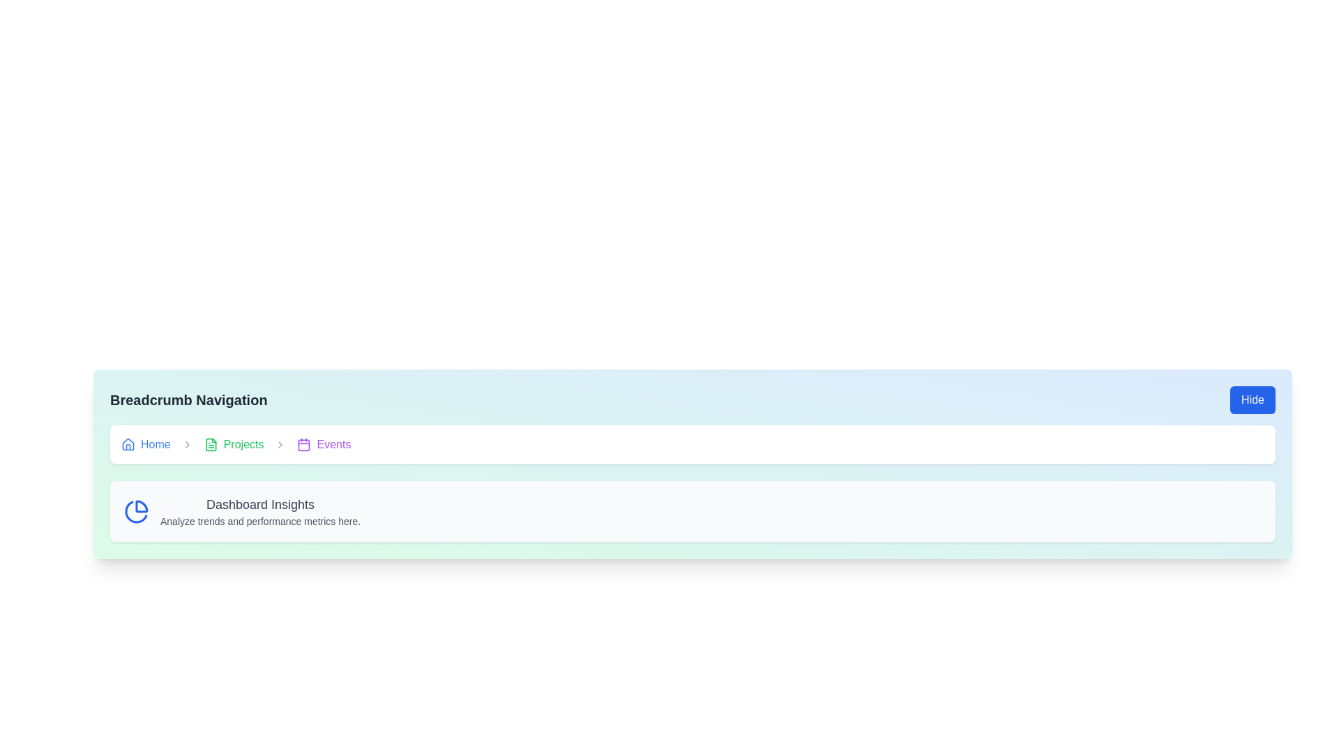  Describe the element at coordinates (324, 444) in the screenshot. I see `the link in the breadcrumb navigation bar that redirects to the 'Events' section of the application` at that location.